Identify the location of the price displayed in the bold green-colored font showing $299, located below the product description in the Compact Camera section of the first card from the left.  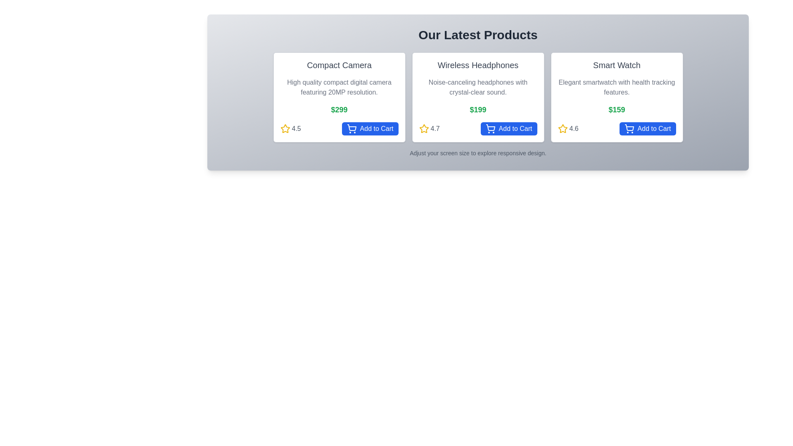
(339, 109).